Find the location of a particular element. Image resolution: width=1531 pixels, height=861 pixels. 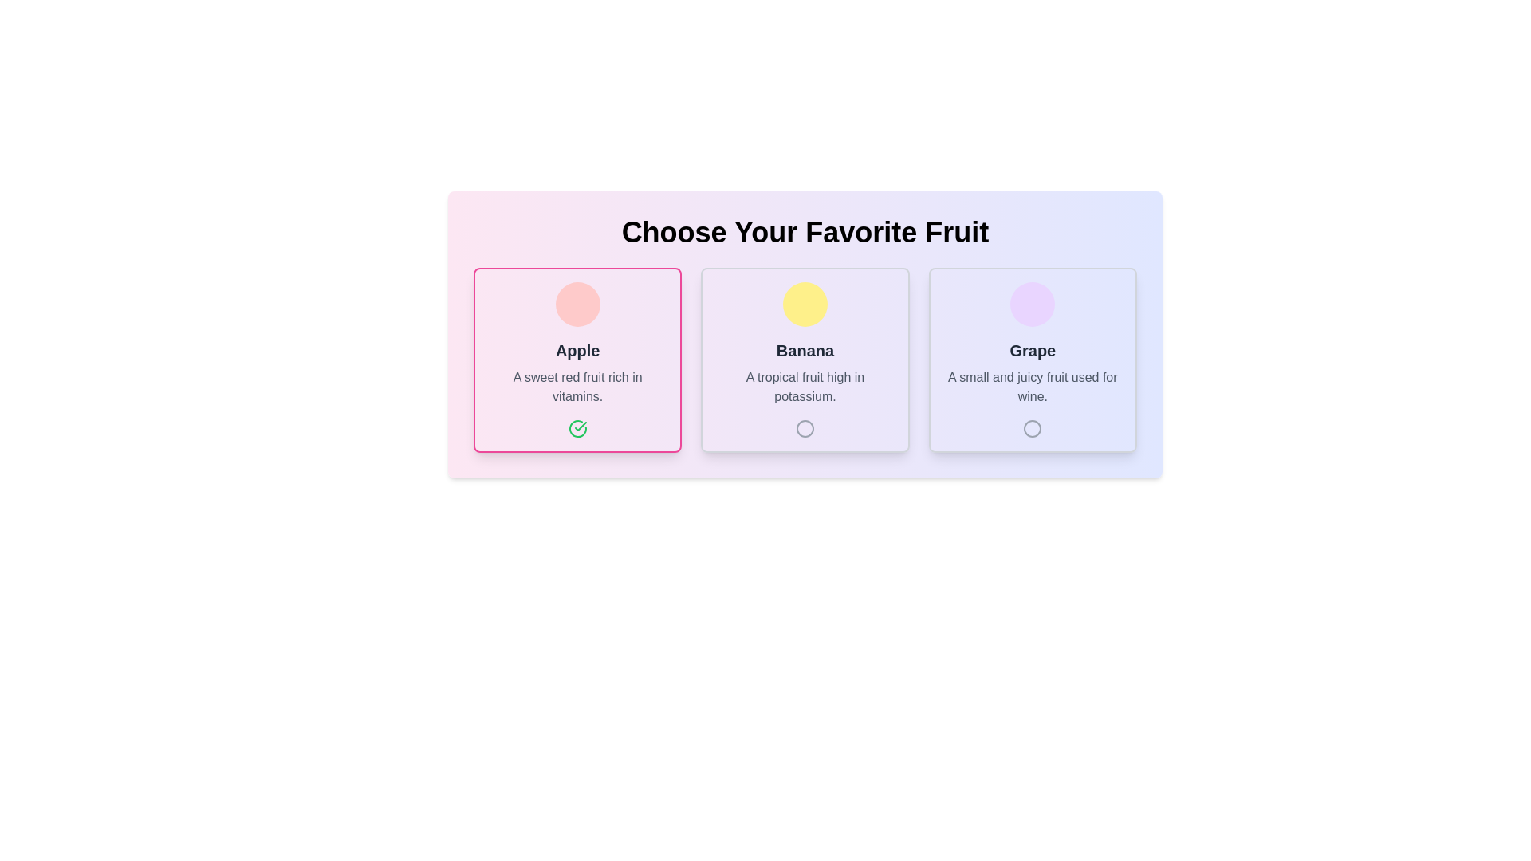

the circular icon with a gray stroke representing the selectable option is located at coordinates (805, 427).